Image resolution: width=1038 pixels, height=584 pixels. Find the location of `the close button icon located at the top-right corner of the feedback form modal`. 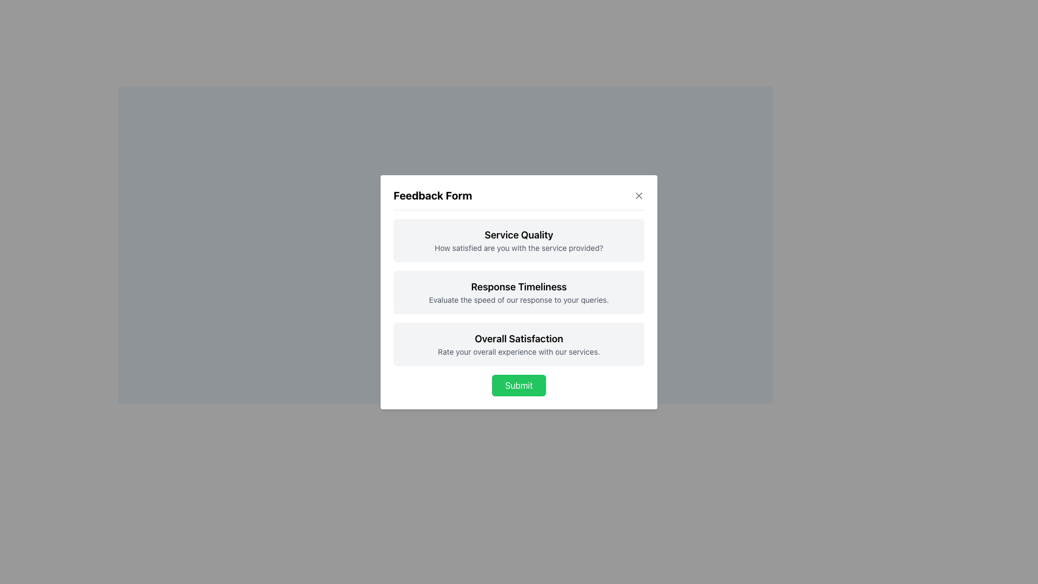

the close button icon located at the top-right corner of the feedback form modal is located at coordinates (638, 195).